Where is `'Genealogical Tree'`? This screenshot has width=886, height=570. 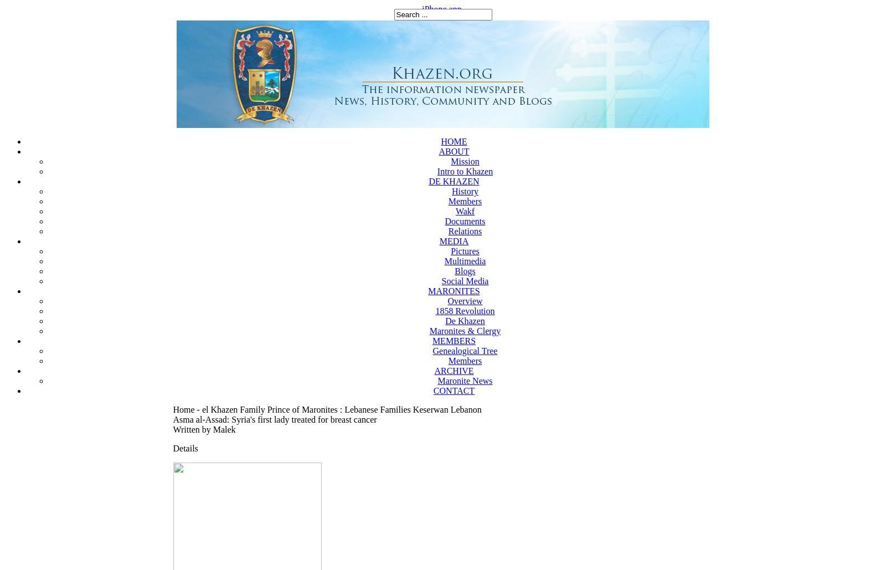 'Genealogical Tree' is located at coordinates (464, 351).